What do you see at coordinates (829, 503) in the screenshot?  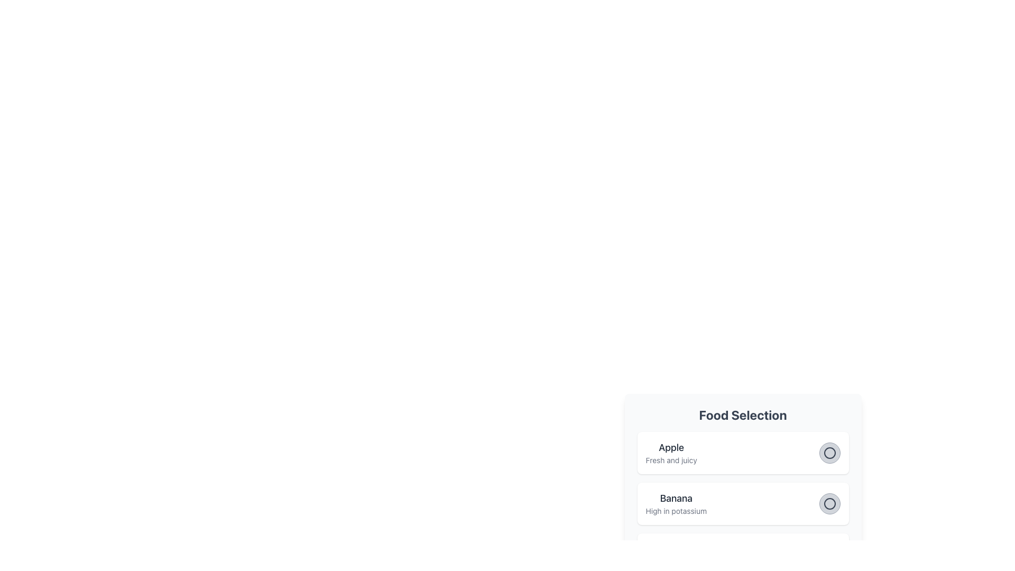 I see `the selectable button styled with a grey background and grey border located in the 'Food Selection' section next to the text 'Banana' for additional visual feedback` at bounding box center [829, 503].